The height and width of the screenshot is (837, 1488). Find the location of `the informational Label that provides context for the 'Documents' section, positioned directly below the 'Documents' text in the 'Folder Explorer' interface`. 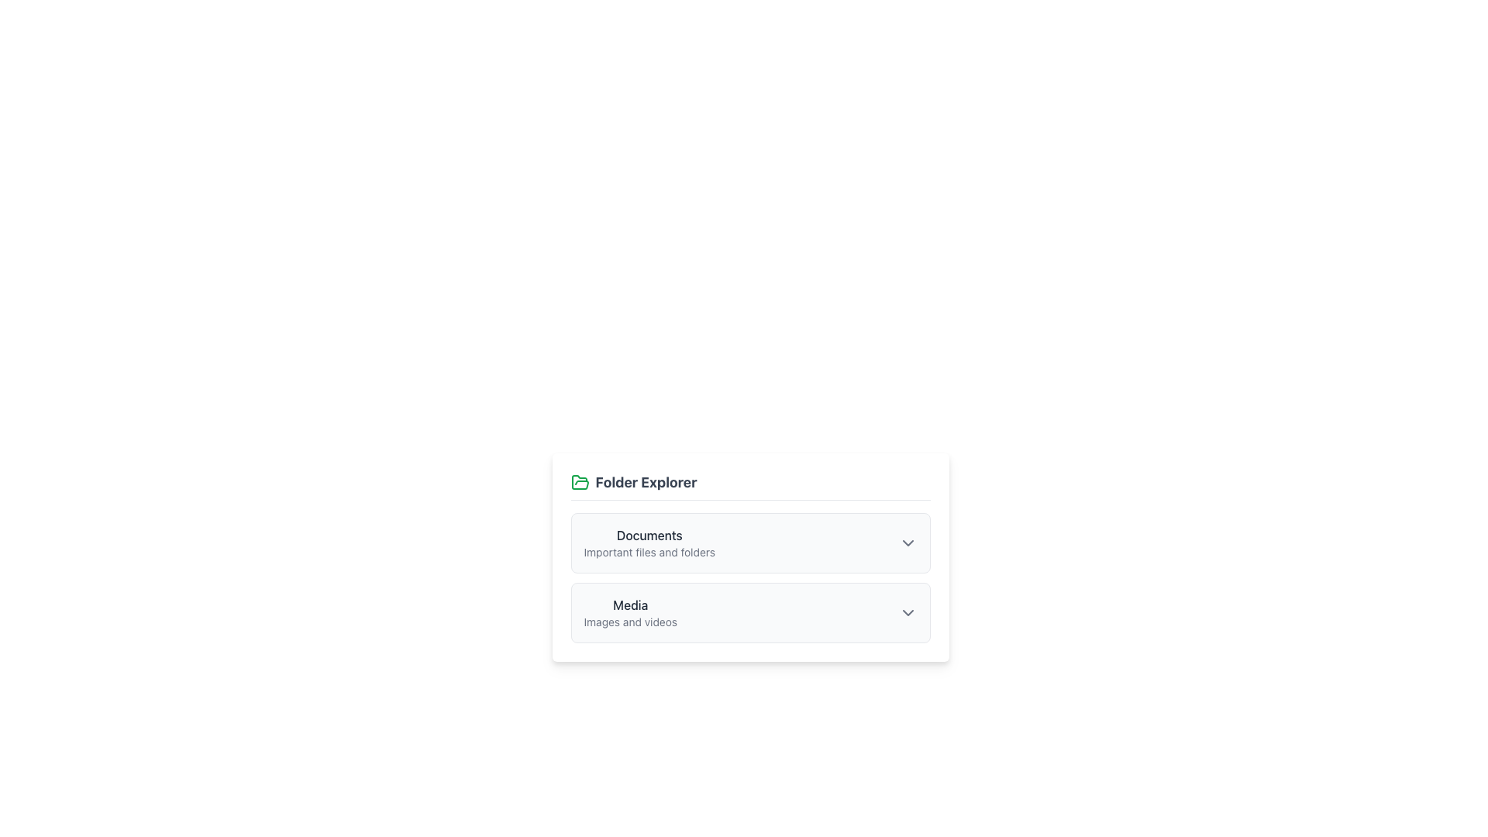

the informational Label that provides context for the 'Documents' section, positioned directly below the 'Documents' text in the 'Folder Explorer' interface is located at coordinates (649, 552).